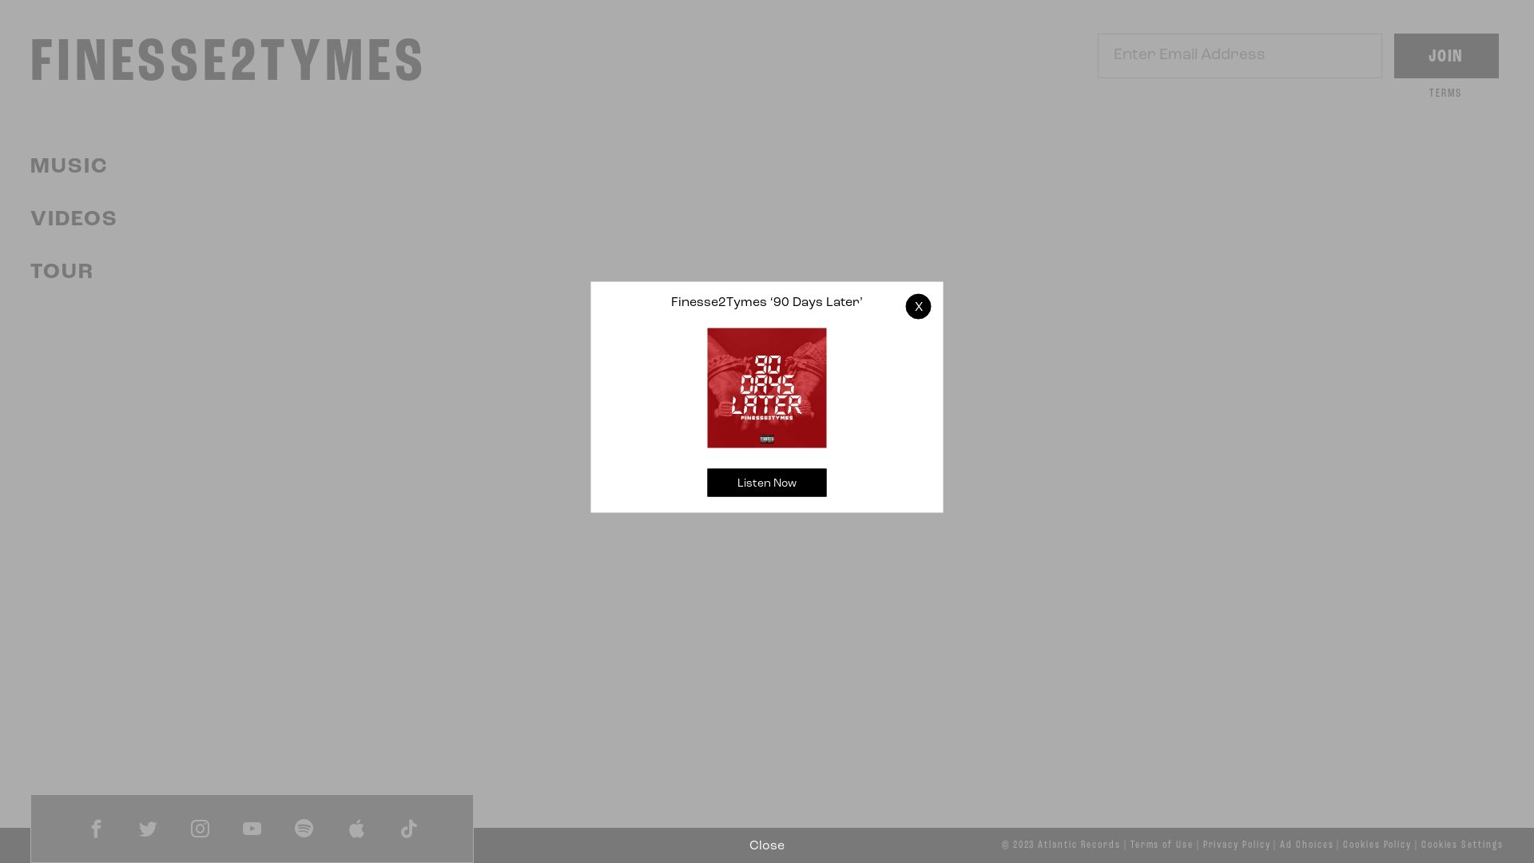 Image resolution: width=1534 pixels, height=863 pixels. I want to click on 'X', so click(919, 305).